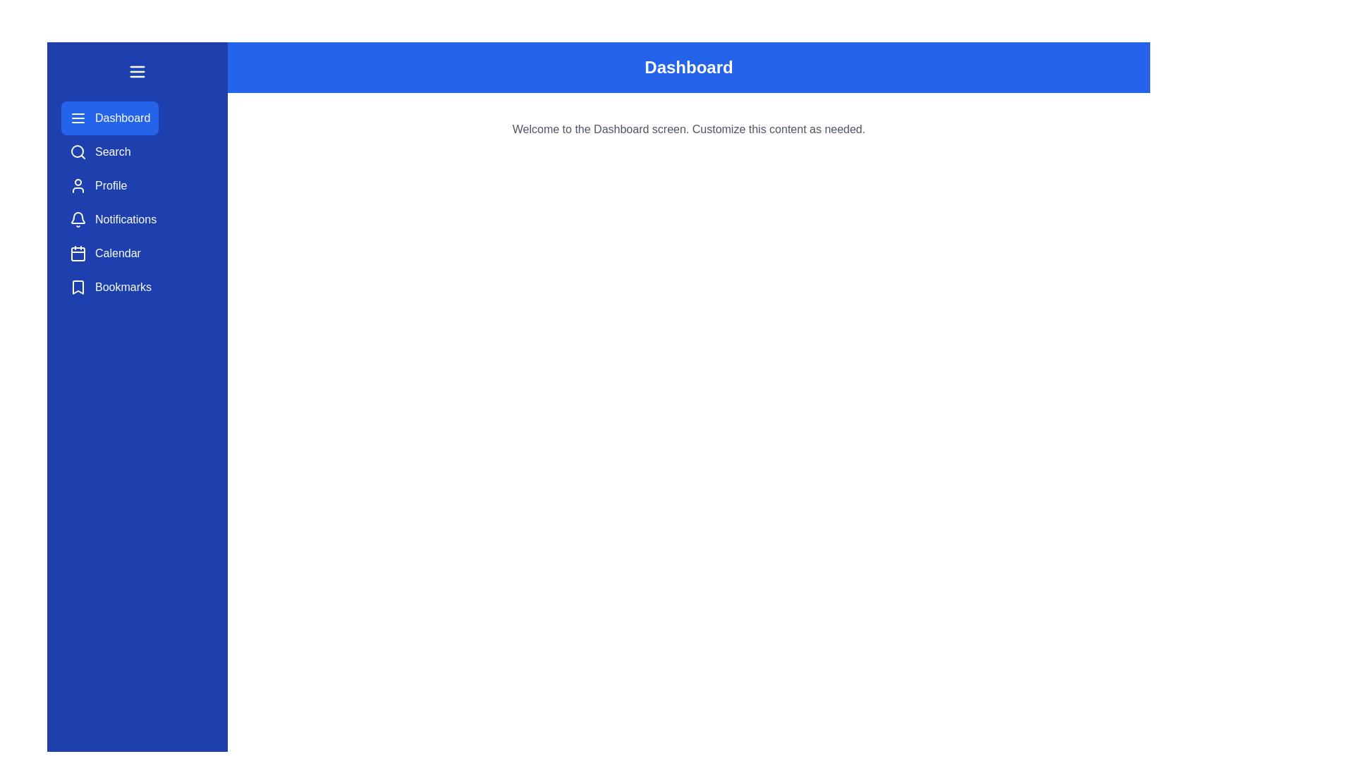 This screenshot has height=761, width=1354. What do you see at coordinates (138, 71) in the screenshot?
I see `the hamburger menu icon, which consists of three horizontal lines` at bounding box center [138, 71].